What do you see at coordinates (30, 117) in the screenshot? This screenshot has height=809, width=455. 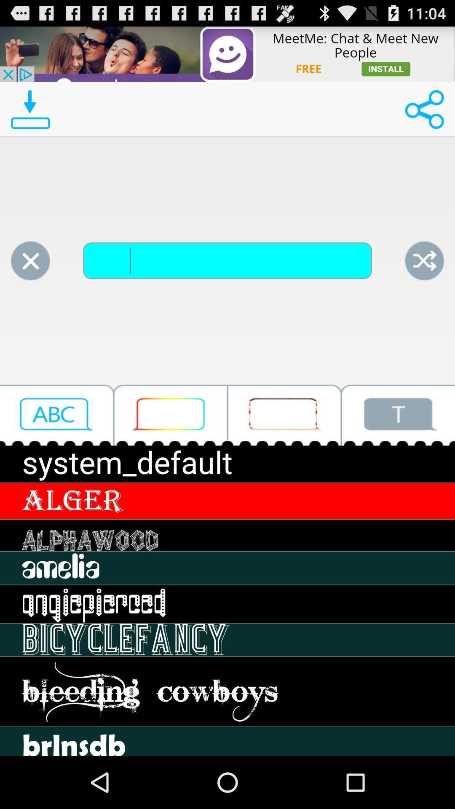 I see `the file_download icon` at bounding box center [30, 117].